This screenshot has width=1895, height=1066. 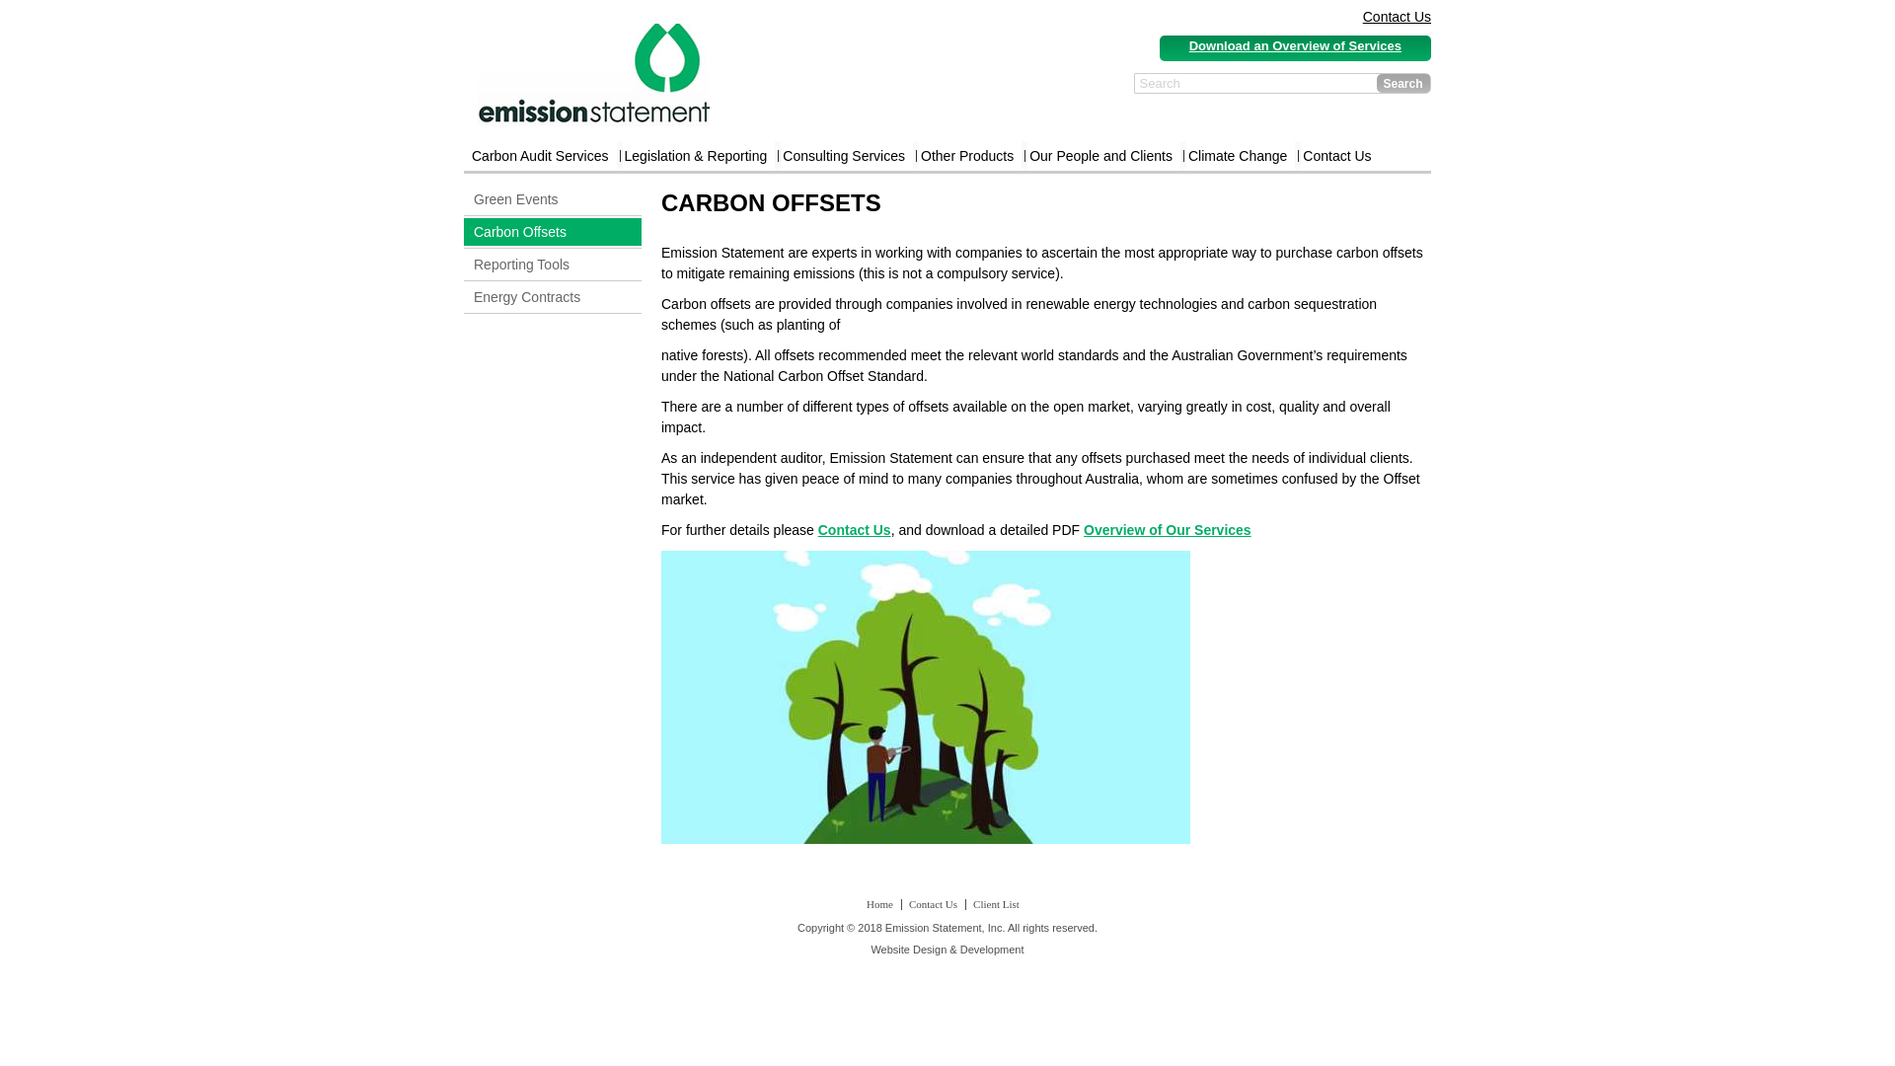 I want to click on 'Download an Overview of Services', so click(x=1187, y=44).